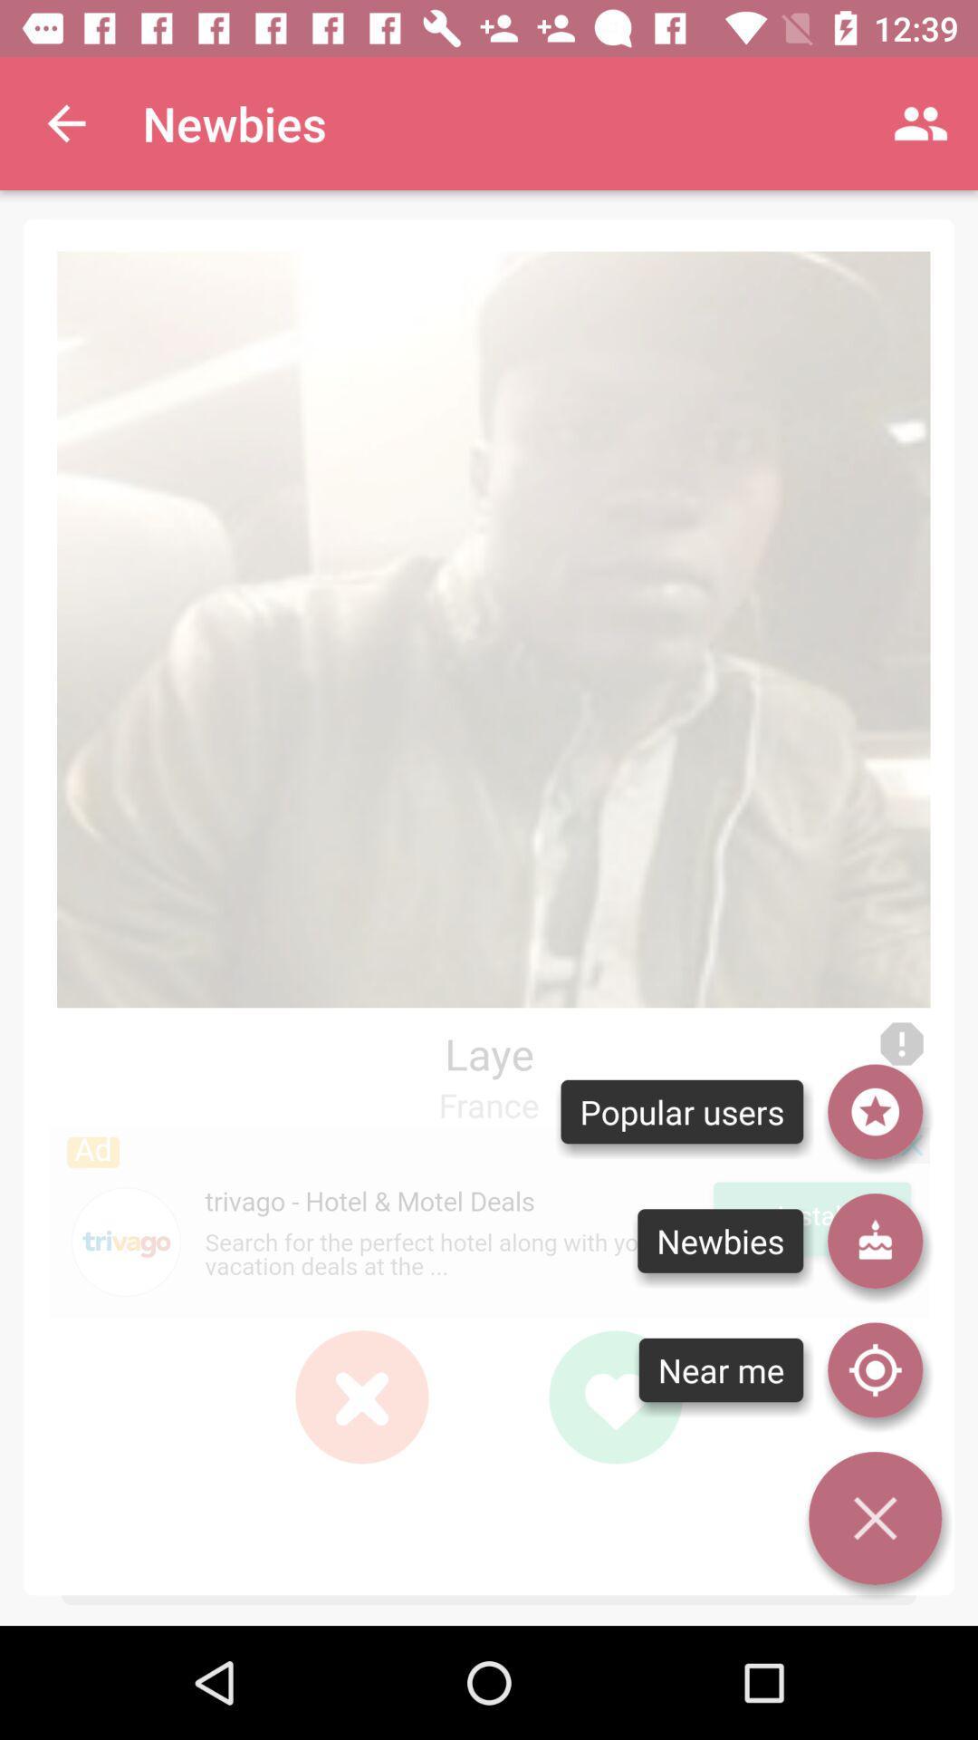 Image resolution: width=978 pixels, height=1740 pixels. I want to click on the gift icon, so click(874, 1240).